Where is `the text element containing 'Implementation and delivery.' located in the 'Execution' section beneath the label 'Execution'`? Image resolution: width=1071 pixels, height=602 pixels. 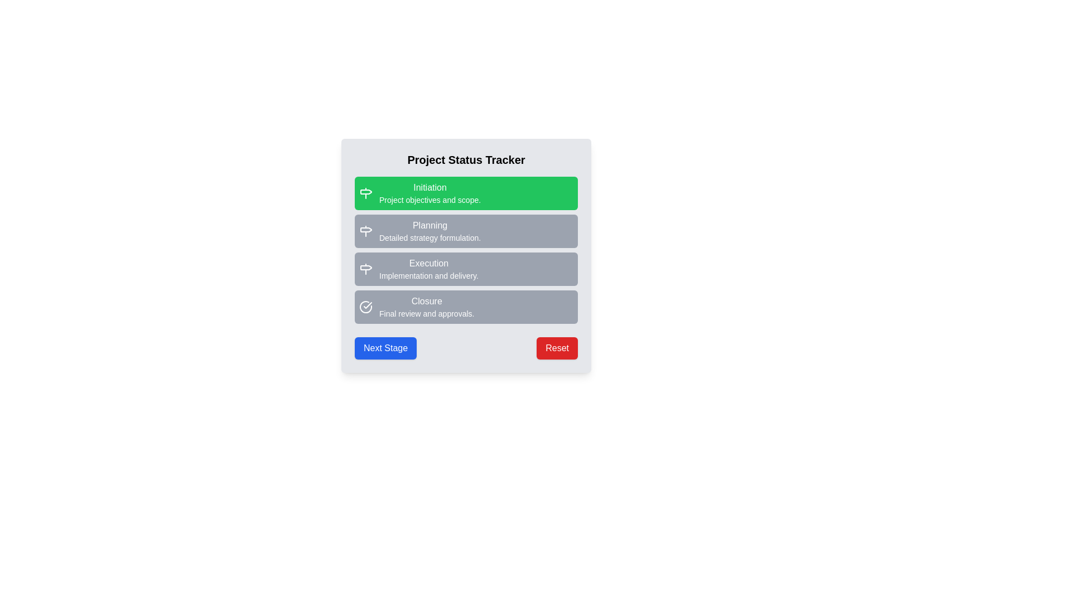
the text element containing 'Implementation and delivery.' located in the 'Execution' section beneath the label 'Execution' is located at coordinates (428, 275).